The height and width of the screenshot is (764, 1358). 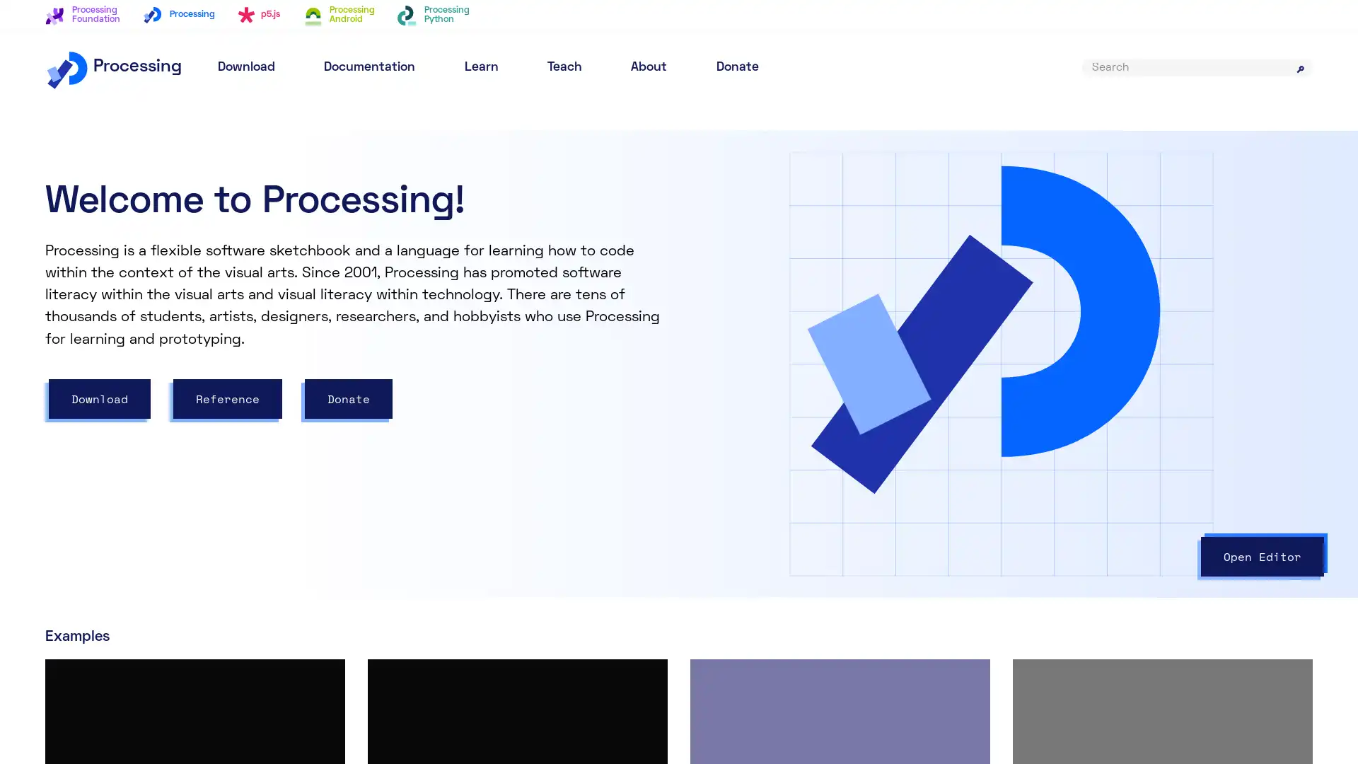 I want to click on change position, so click(x=946, y=388).